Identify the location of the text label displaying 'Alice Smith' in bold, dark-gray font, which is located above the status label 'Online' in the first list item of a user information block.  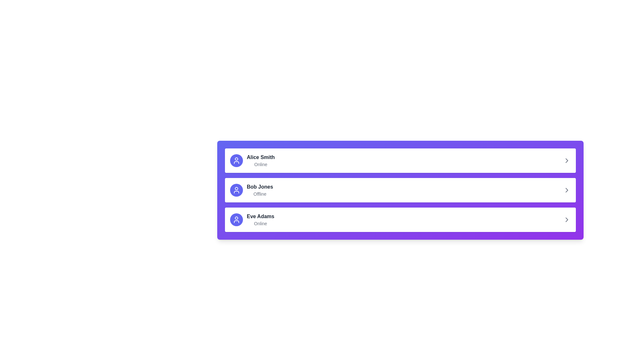
(261, 157).